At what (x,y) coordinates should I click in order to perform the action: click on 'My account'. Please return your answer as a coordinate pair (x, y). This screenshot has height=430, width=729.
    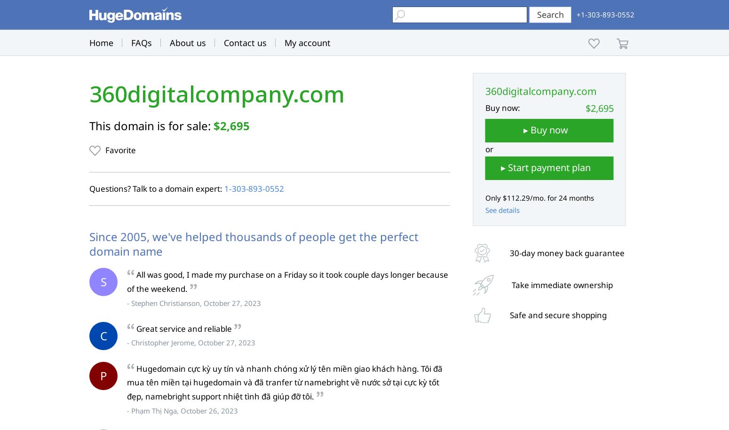
    Looking at the image, I should click on (284, 42).